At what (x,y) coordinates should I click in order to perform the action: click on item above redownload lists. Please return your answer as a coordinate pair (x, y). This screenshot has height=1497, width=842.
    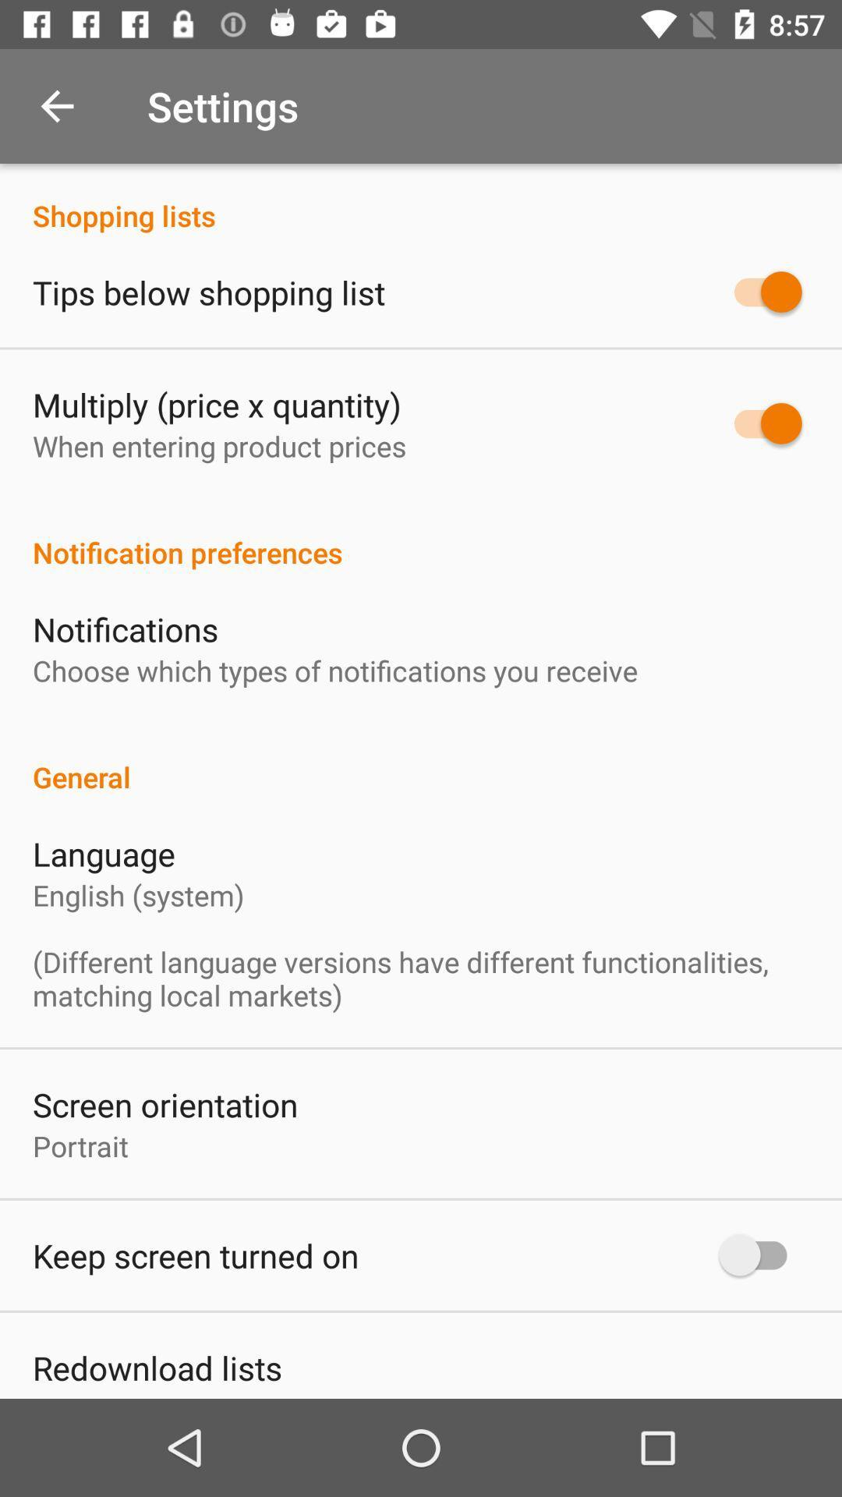
    Looking at the image, I should click on (195, 1255).